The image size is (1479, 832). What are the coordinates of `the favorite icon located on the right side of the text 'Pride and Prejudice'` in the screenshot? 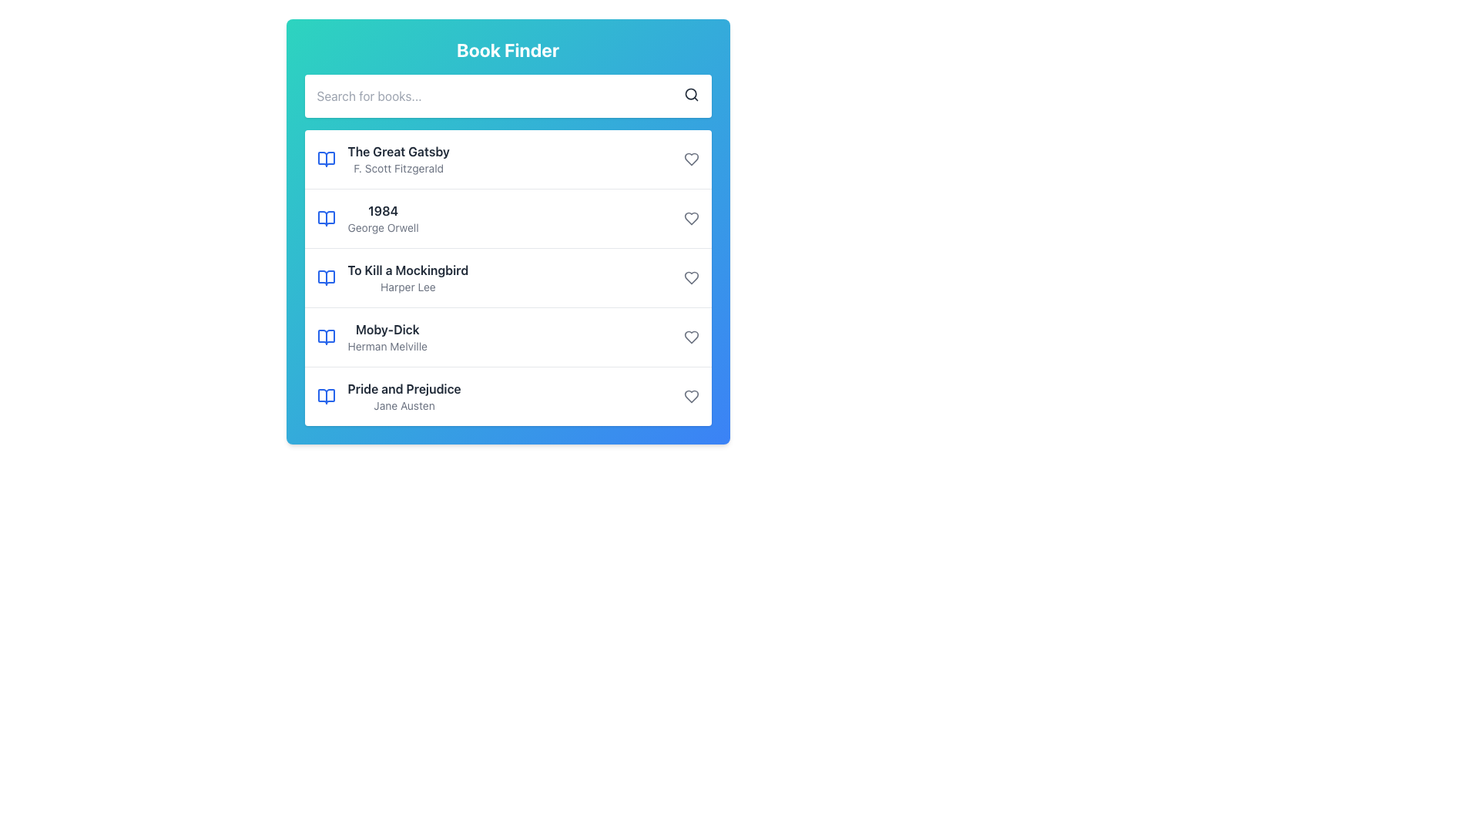 It's located at (690, 396).